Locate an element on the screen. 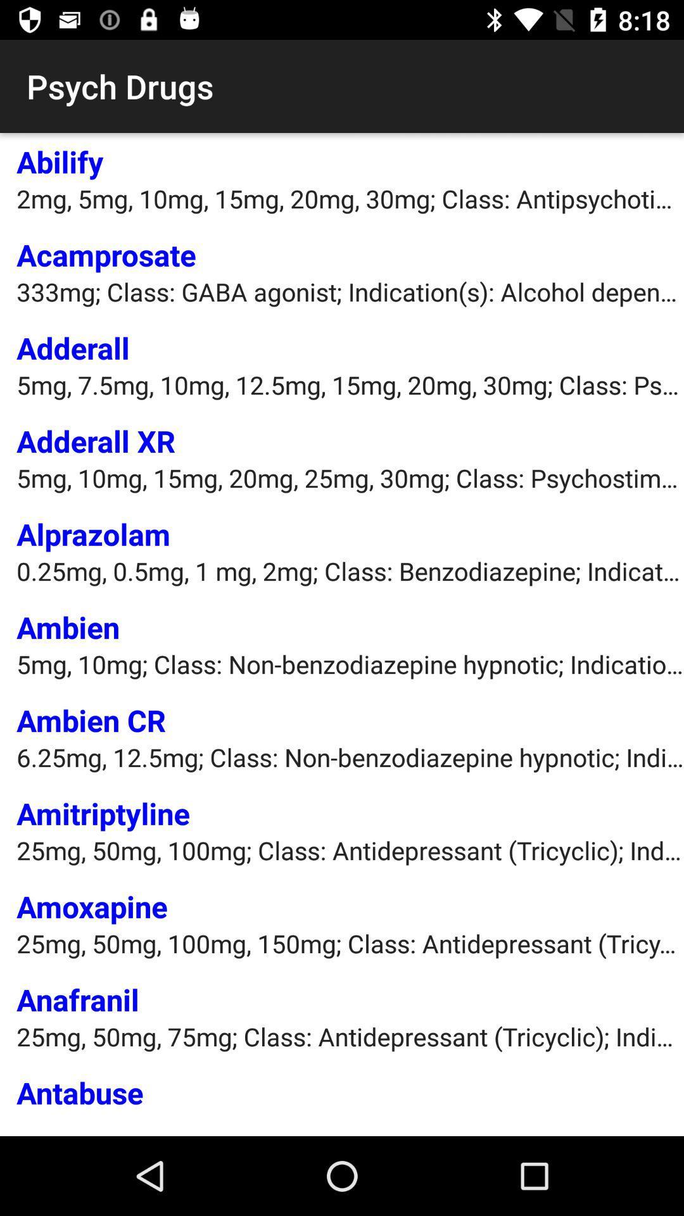 This screenshot has width=684, height=1216. app below the 25mg 50mg 75mg icon is located at coordinates (80, 1091).